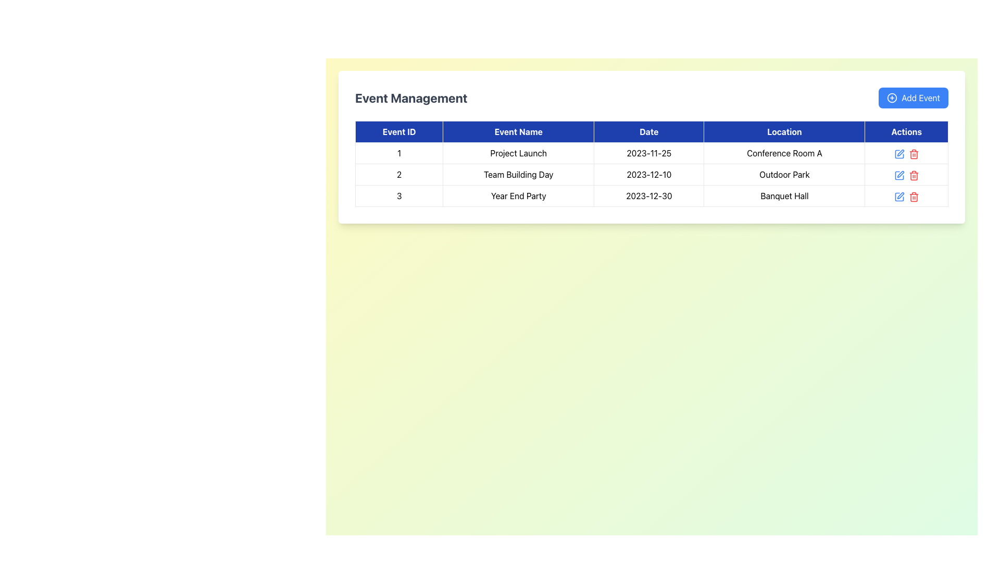 The image size is (1000, 563). What do you see at coordinates (648, 131) in the screenshot?
I see `the Table Header labeled 'Date', which is the third column in the header row of the Event Management table, characterized by white bold text on a blue background` at bounding box center [648, 131].